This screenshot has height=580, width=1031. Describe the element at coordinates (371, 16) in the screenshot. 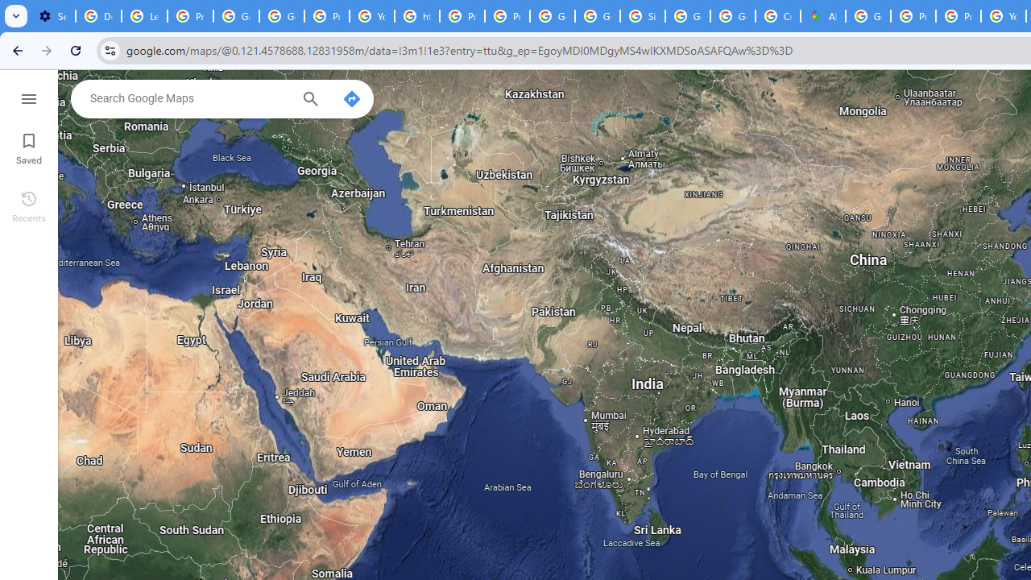

I see `'YouTube'` at that location.